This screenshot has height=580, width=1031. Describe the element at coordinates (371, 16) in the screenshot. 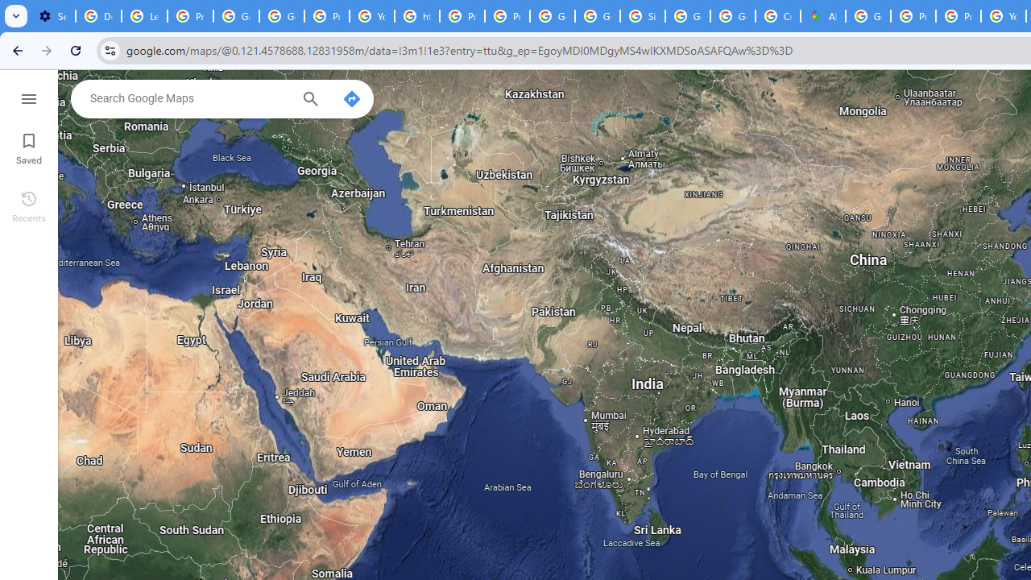

I see `'YouTube'` at that location.